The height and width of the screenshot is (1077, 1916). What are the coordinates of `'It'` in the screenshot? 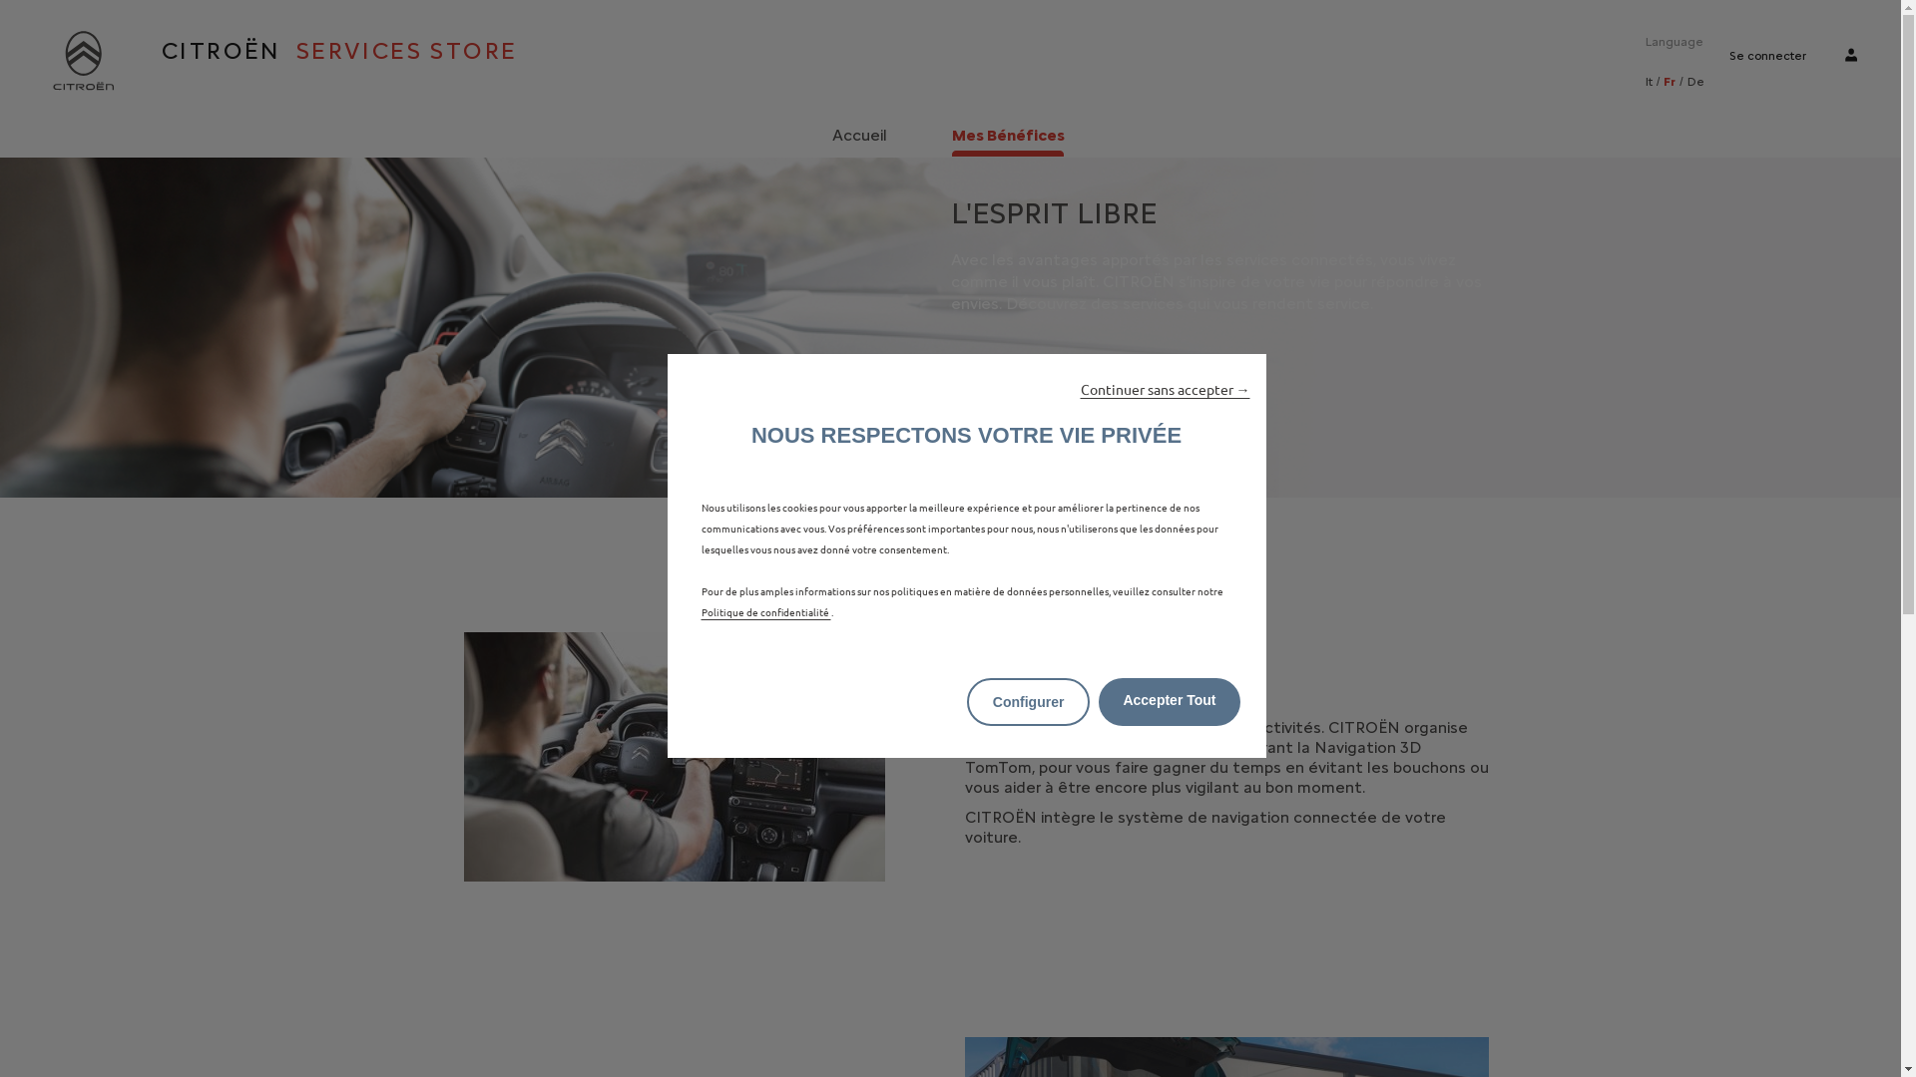 It's located at (1649, 80).